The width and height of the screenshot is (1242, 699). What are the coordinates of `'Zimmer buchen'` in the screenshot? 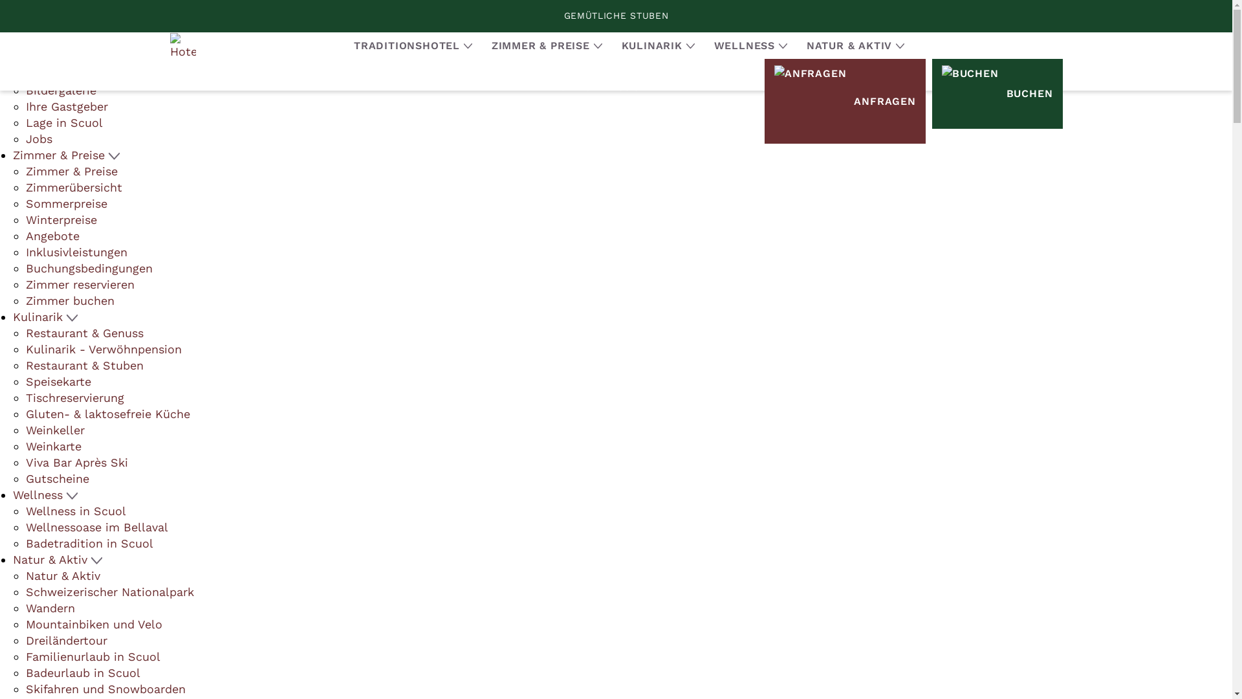 It's located at (69, 300).